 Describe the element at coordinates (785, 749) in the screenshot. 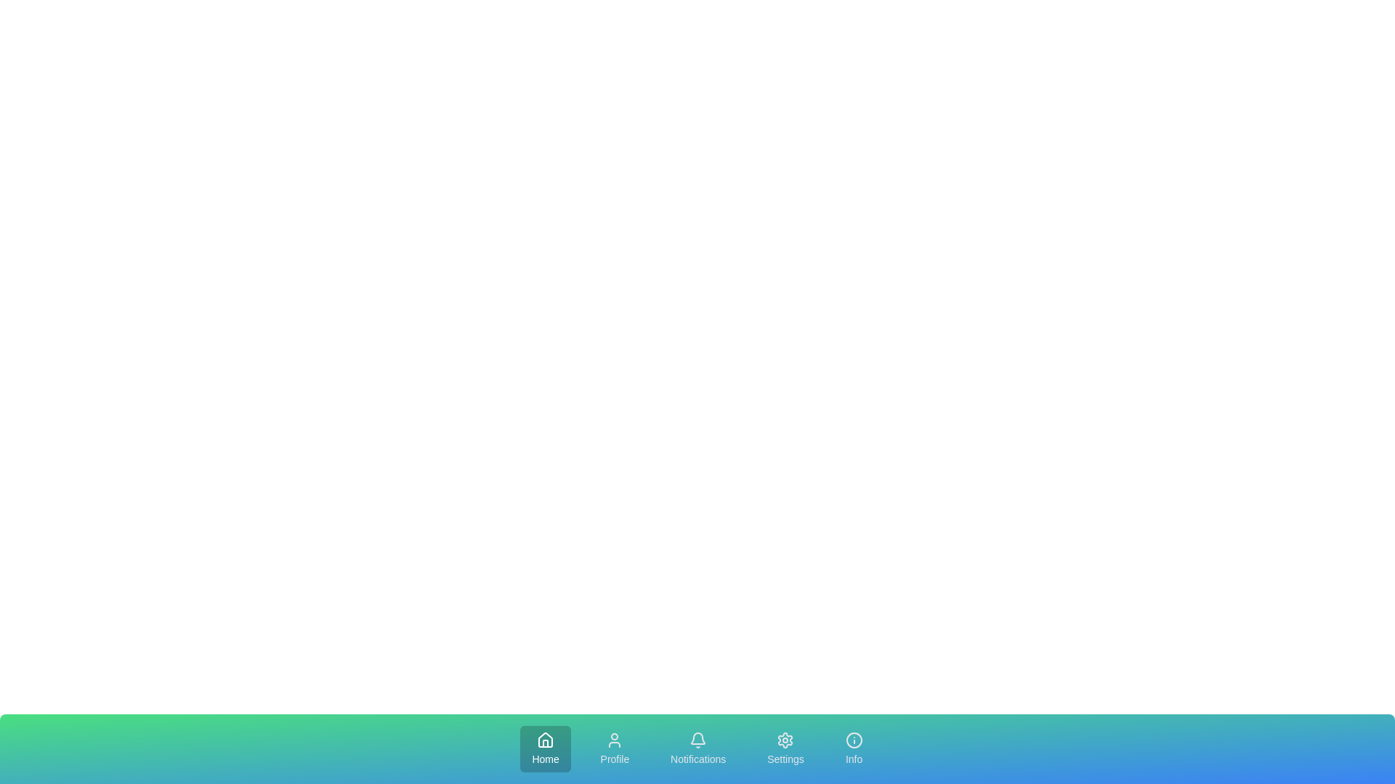

I see `the Settings tab in the bottom navigation bar` at that location.